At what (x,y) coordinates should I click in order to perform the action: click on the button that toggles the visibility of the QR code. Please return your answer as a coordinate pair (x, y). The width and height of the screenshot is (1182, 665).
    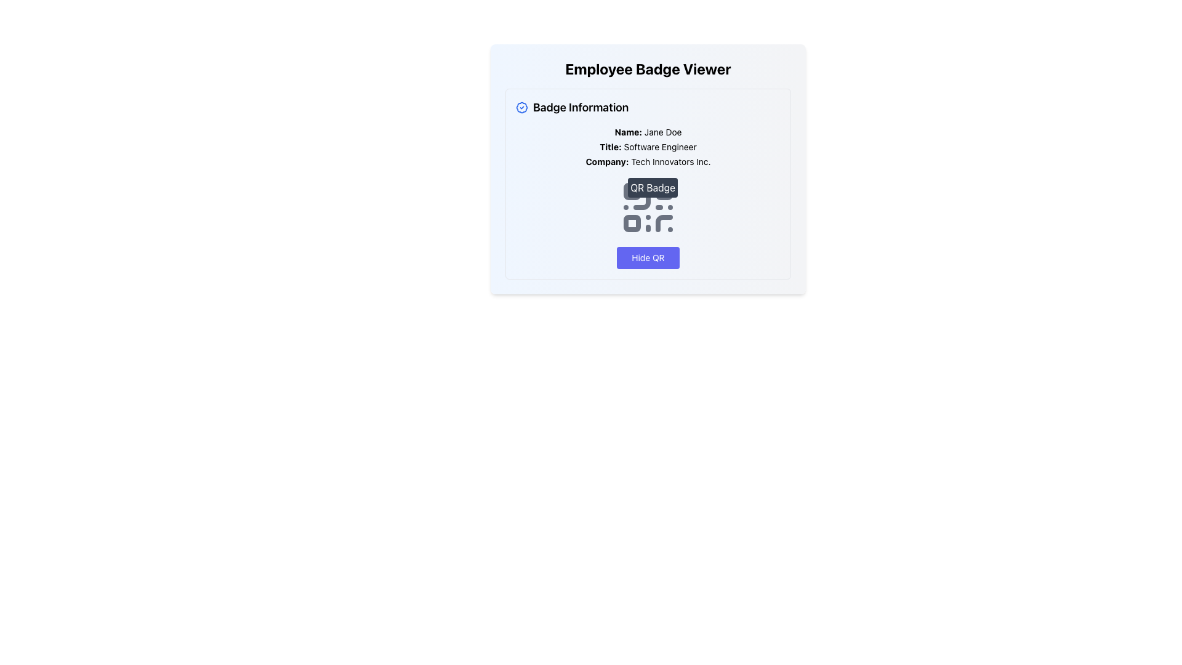
    Looking at the image, I should click on (647, 257).